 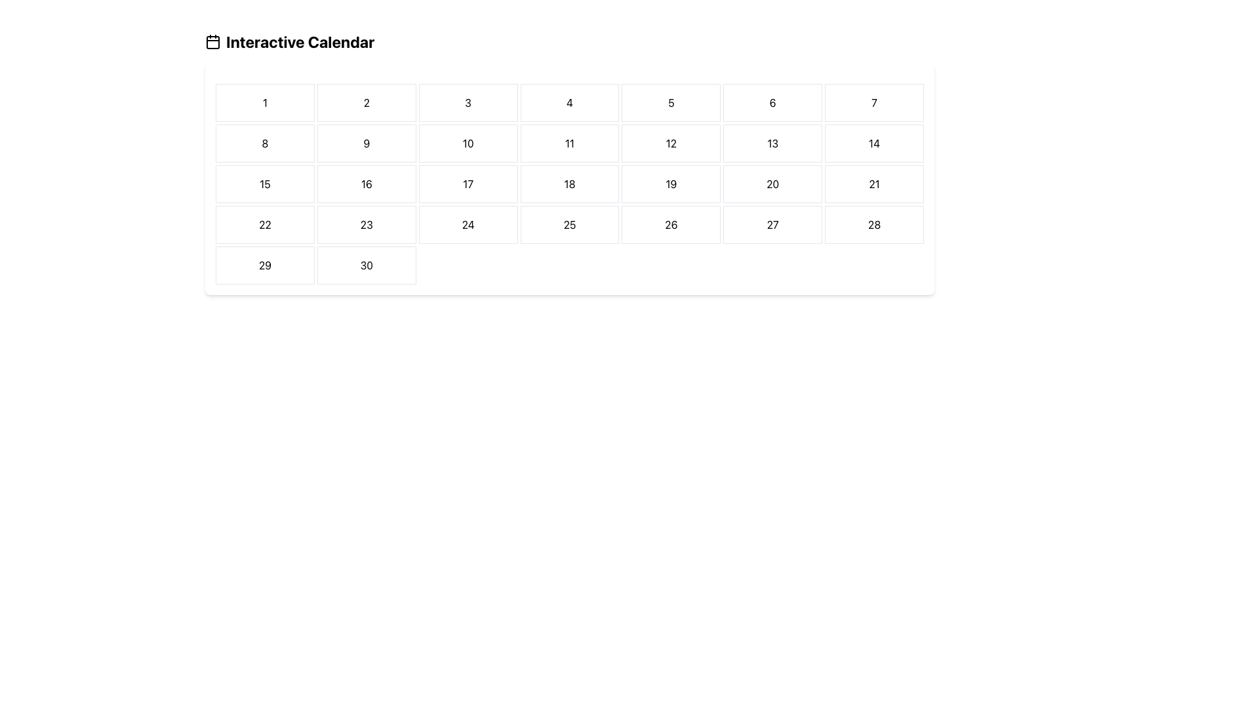 What do you see at coordinates (367, 184) in the screenshot?
I see `the clickable cell representing a specific day in the third row and second column of the calendar grid` at bounding box center [367, 184].